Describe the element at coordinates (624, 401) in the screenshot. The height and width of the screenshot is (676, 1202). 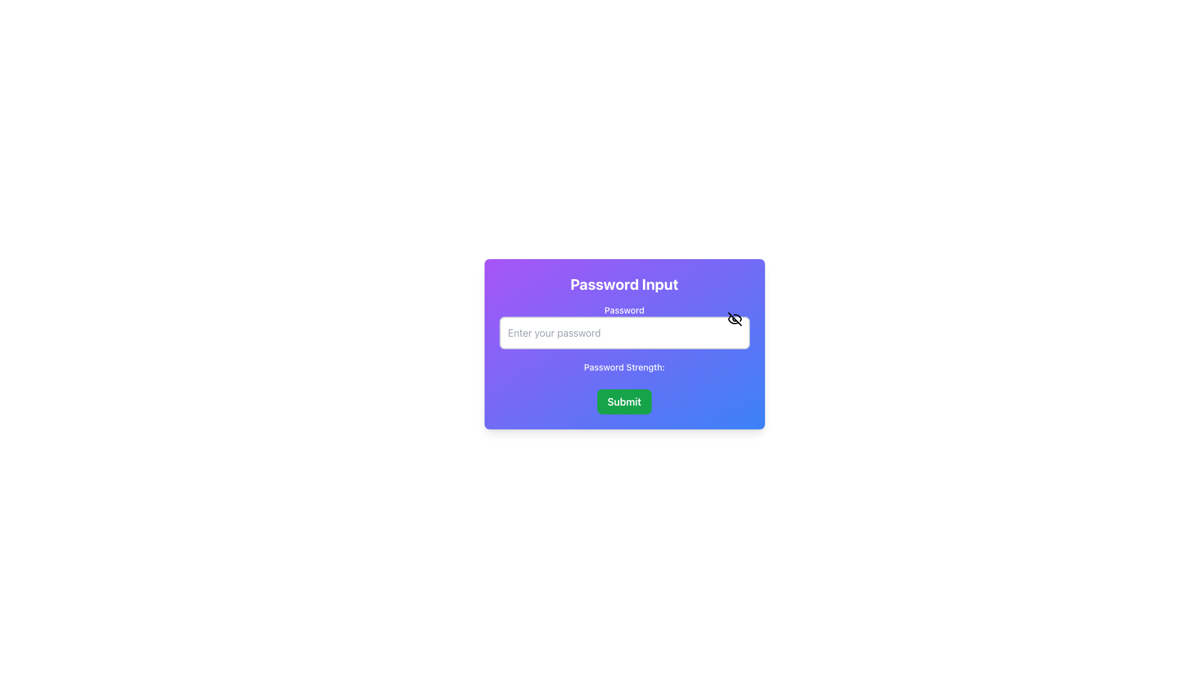
I see `the Submit Button located at the bottom of the 'Password Input' panel using keyboard tabbing` at that location.